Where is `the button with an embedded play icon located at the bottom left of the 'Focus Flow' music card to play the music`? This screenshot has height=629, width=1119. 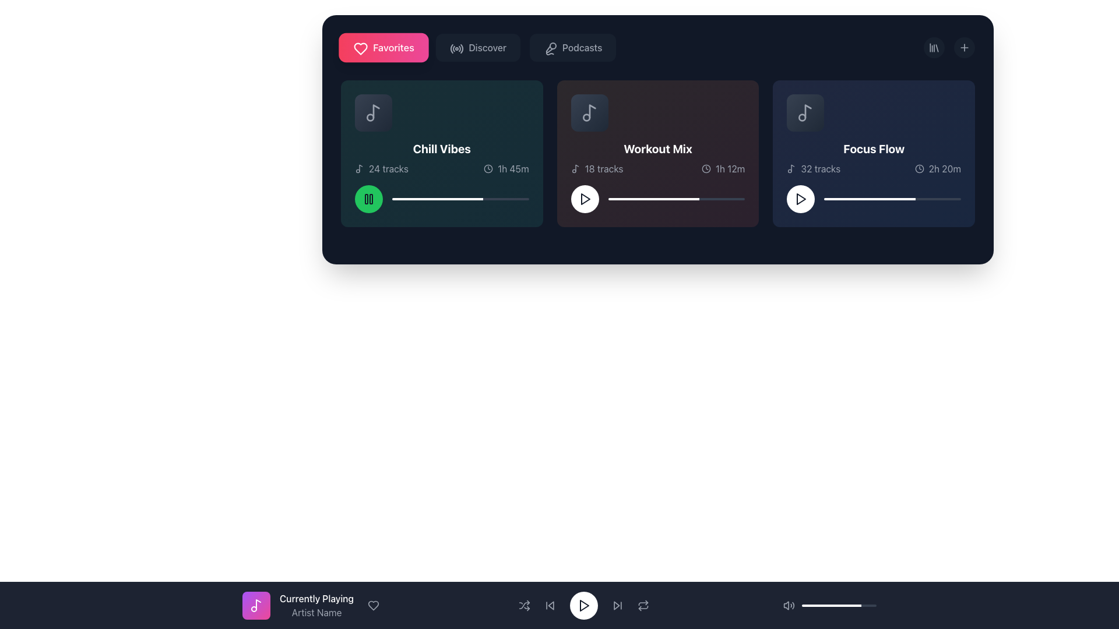 the button with an embedded play icon located at the bottom left of the 'Focus Flow' music card to play the music is located at coordinates (800, 199).